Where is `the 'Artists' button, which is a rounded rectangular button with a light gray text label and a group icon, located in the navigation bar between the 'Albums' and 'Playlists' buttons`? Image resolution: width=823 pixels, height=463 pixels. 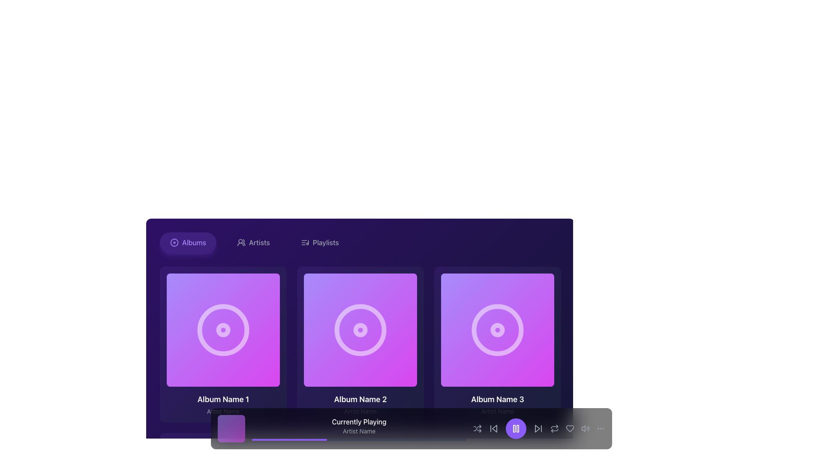 the 'Artists' button, which is a rounded rectangular button with a light gray text label and a group icon, located in the navigation bar between the 'Albums' and 'Playlists' buttons is located at coordinates (253, 243).